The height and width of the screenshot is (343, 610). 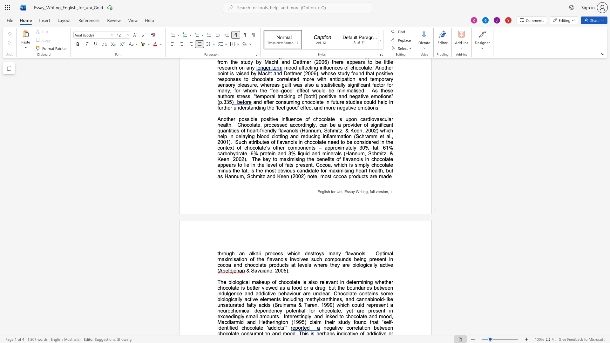 I want to click on the 1th character "e" in the text, so click(x=350, y=282).